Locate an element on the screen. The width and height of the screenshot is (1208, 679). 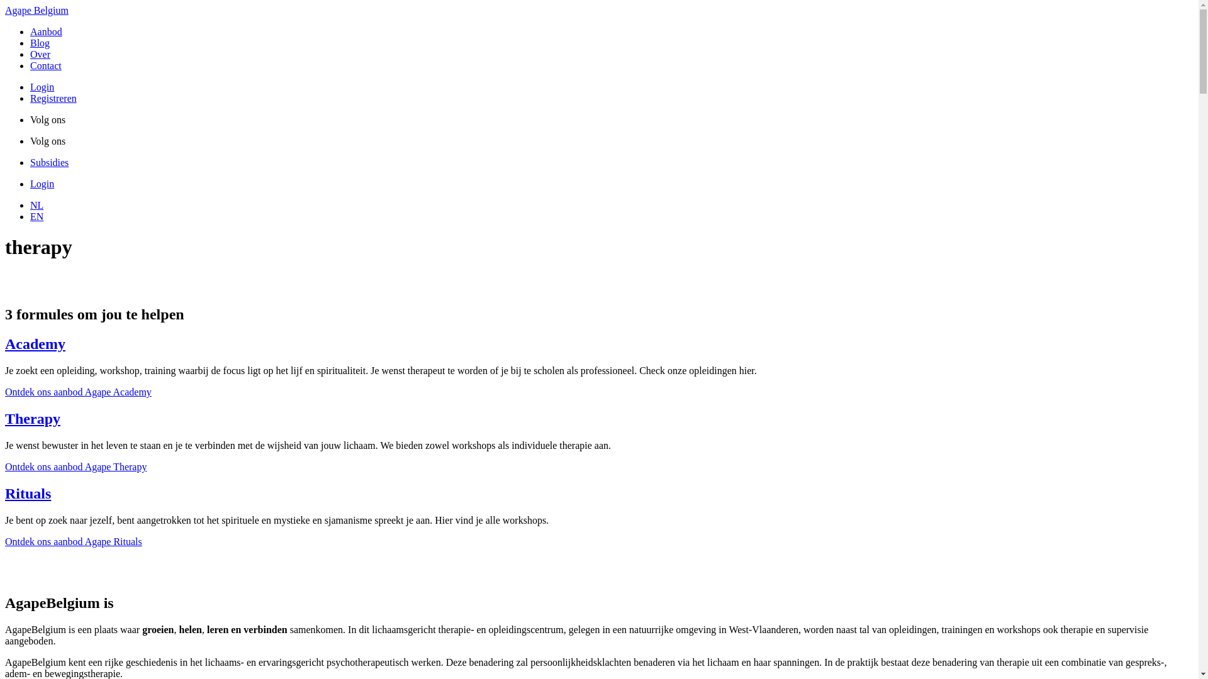
'Contact' is located at coordinates (45, 65).